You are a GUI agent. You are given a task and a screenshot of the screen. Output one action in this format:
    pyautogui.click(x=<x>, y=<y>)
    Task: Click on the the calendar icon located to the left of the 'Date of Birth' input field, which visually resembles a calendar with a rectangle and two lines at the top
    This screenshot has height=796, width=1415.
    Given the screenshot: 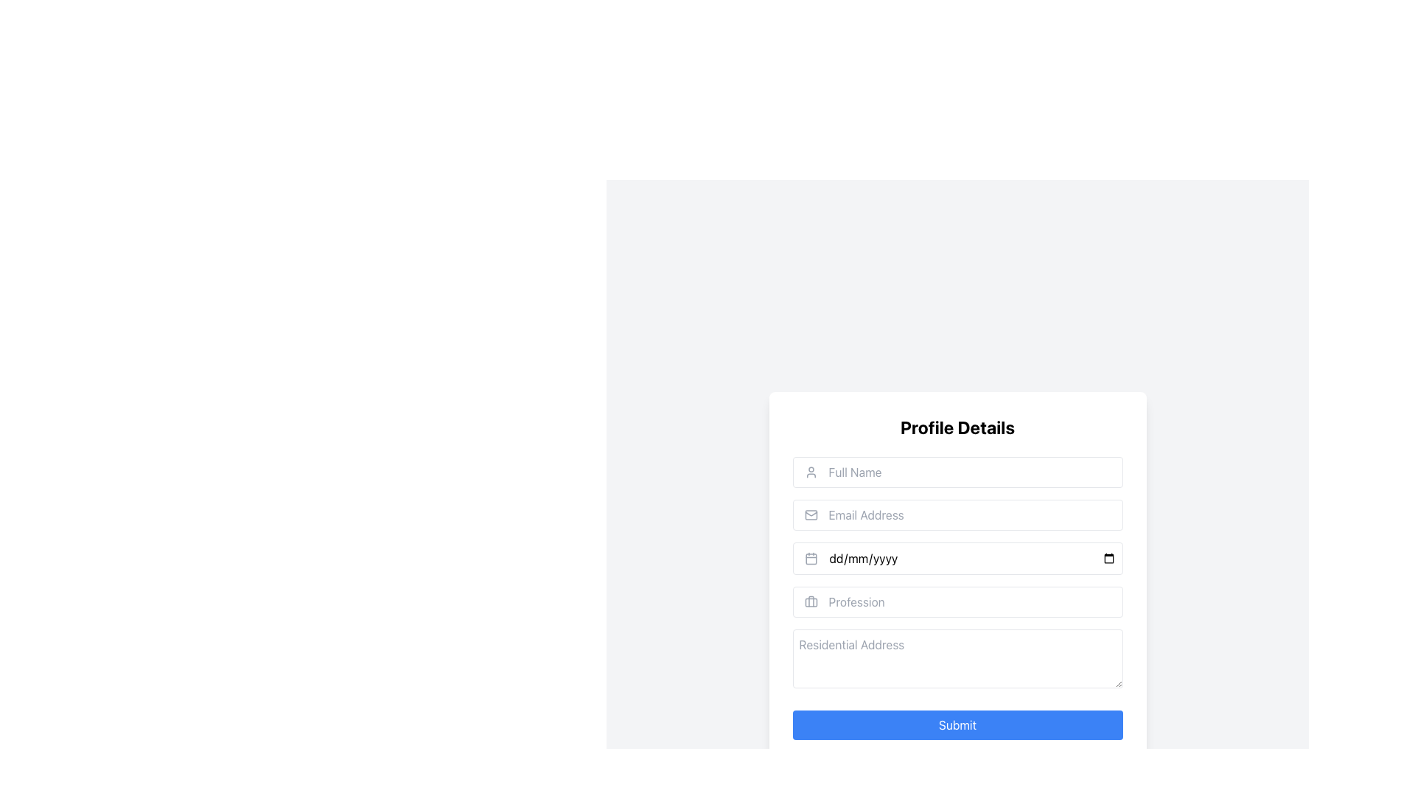 What is the action you would take?
    pyautogui.click(x=810, y=559)
    